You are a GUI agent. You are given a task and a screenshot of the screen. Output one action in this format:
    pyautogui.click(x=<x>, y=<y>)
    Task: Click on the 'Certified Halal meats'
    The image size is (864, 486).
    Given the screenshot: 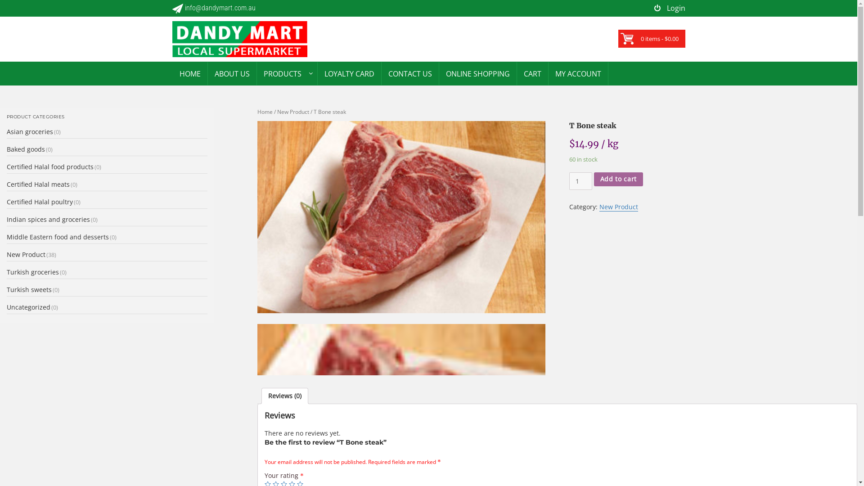 What is the action you would take?
    pyautogui.click(x=38, y=184)
    